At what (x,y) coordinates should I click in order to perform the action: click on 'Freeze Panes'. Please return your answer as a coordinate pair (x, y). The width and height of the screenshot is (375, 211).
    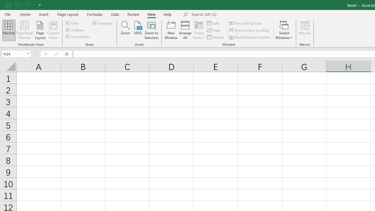
    Looking at the image, I should click on (199, 30).